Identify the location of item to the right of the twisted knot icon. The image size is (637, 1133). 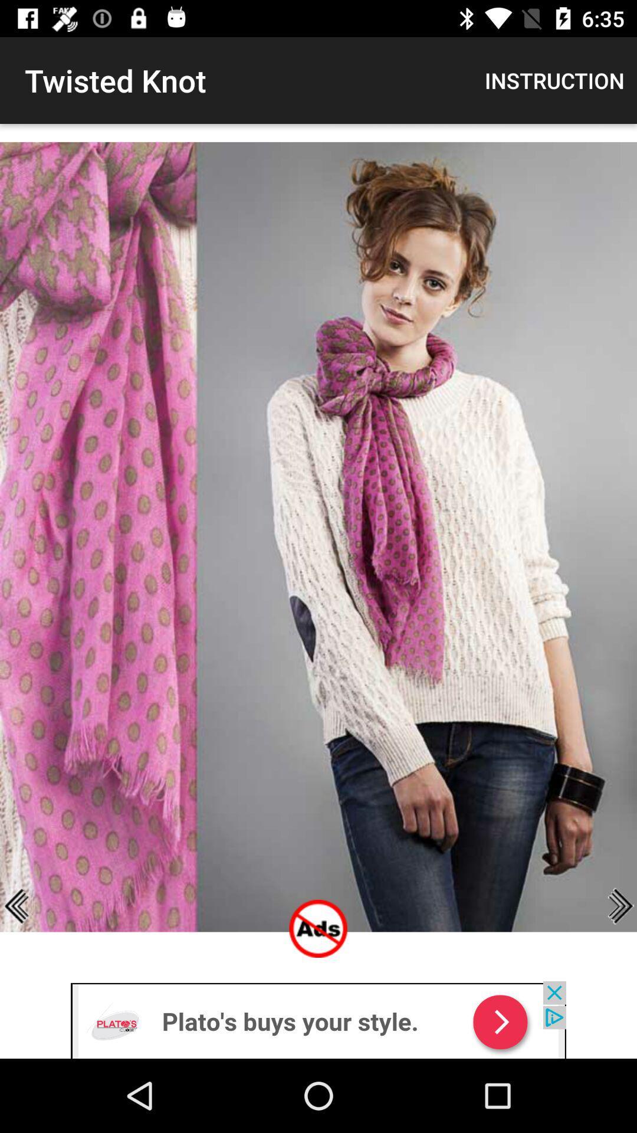
(554, 80).